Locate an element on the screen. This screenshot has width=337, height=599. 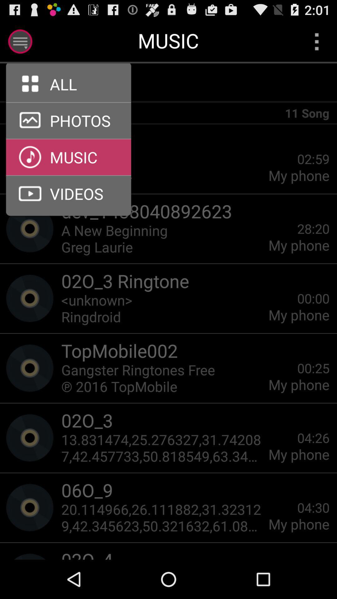
the more icon is located at coordinates (317, 44).